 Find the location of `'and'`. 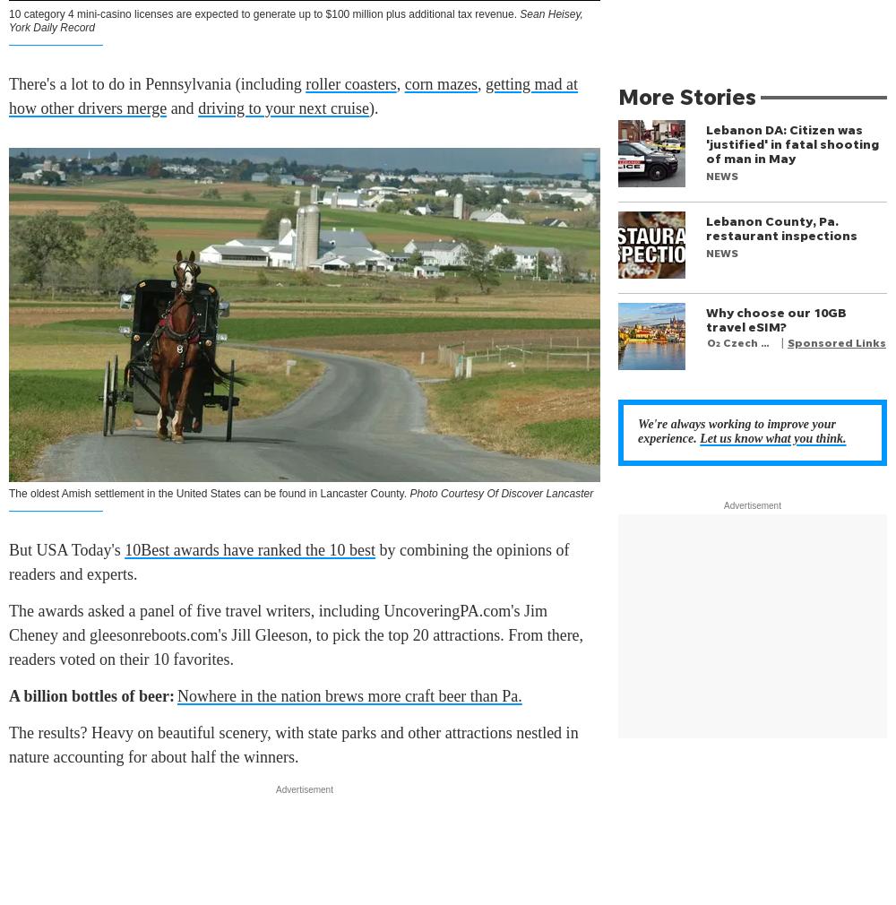

'and' is located at coordinates (181, 107).